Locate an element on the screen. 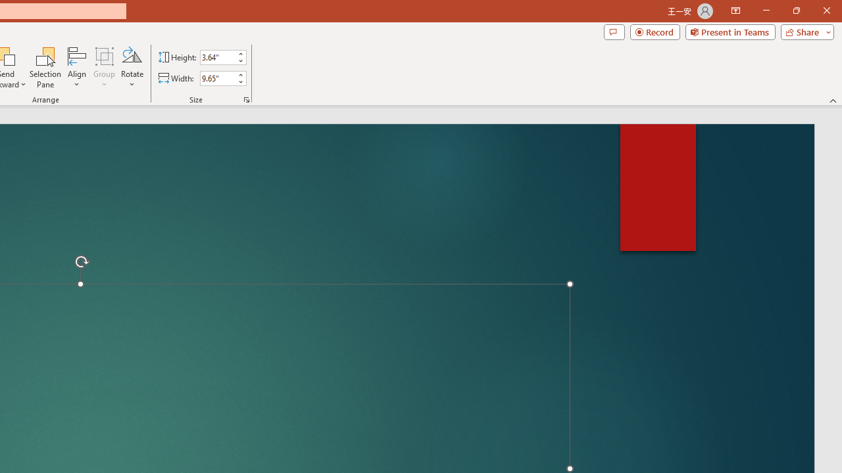 This screenshot has height=473, width=842. 'Shape Height' is located at coordinates (217, 56).